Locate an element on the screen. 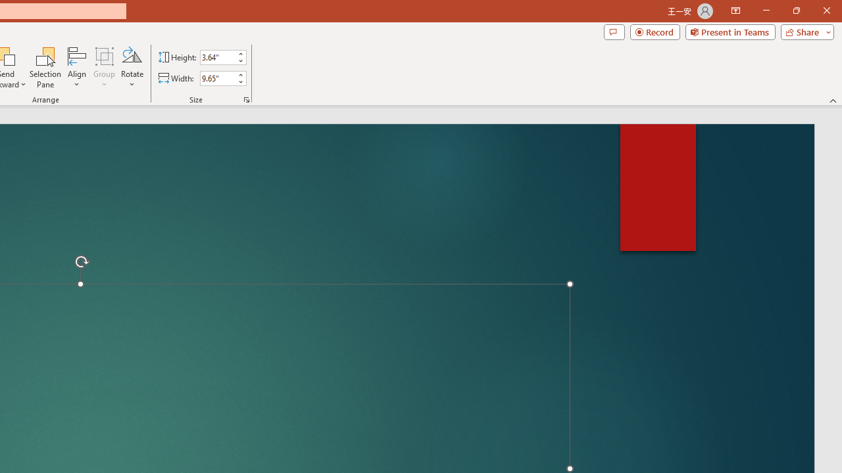 This screenshot has height=473, width=842. 'Shape Height' is located at coordinates (217, 56).